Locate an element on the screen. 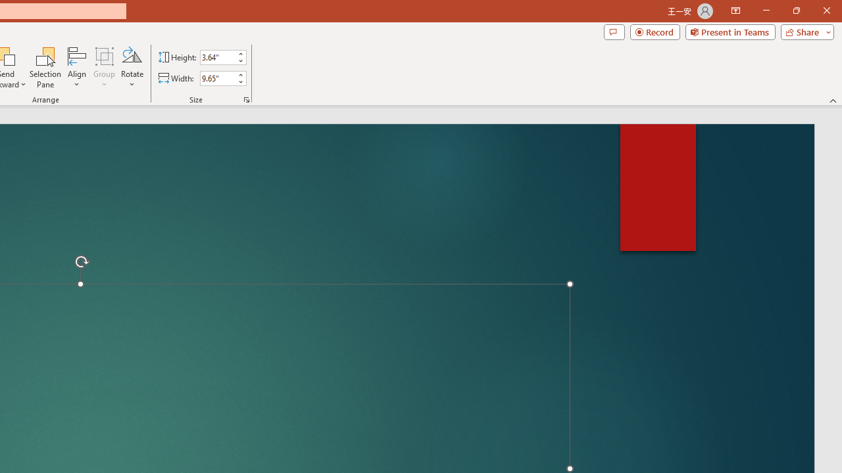 This screenshot has height=473, width=842. 'Shape Height' is located at coordinates (217, 56).